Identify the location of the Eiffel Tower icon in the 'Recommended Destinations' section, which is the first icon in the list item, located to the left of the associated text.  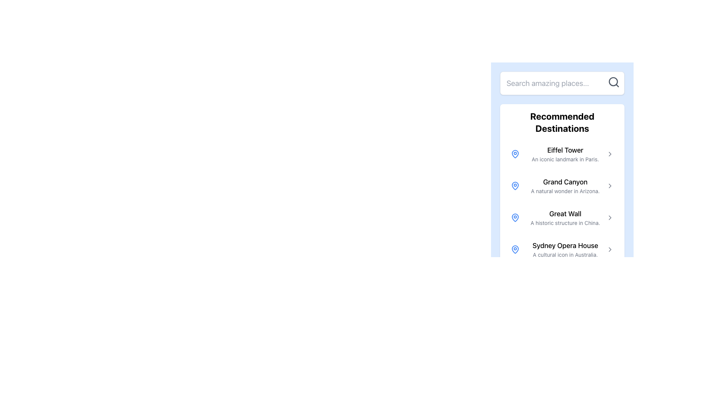
(515, 154).